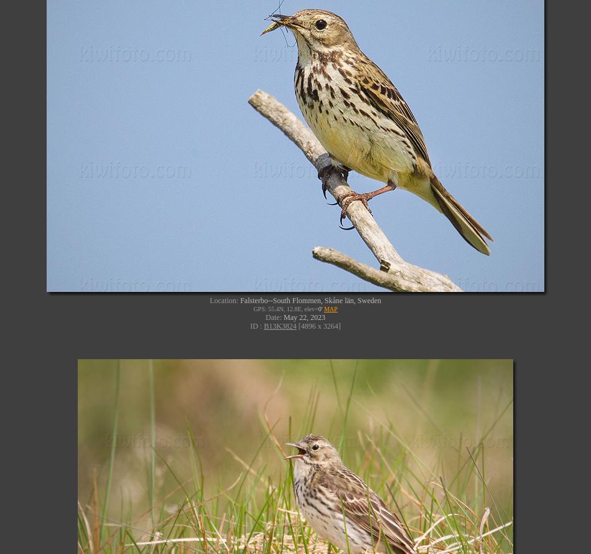 This screenshot has width=591, height=554. Describe the element at coordinates (274, 316) in the screenshot. I see `'Date:'` at that location.